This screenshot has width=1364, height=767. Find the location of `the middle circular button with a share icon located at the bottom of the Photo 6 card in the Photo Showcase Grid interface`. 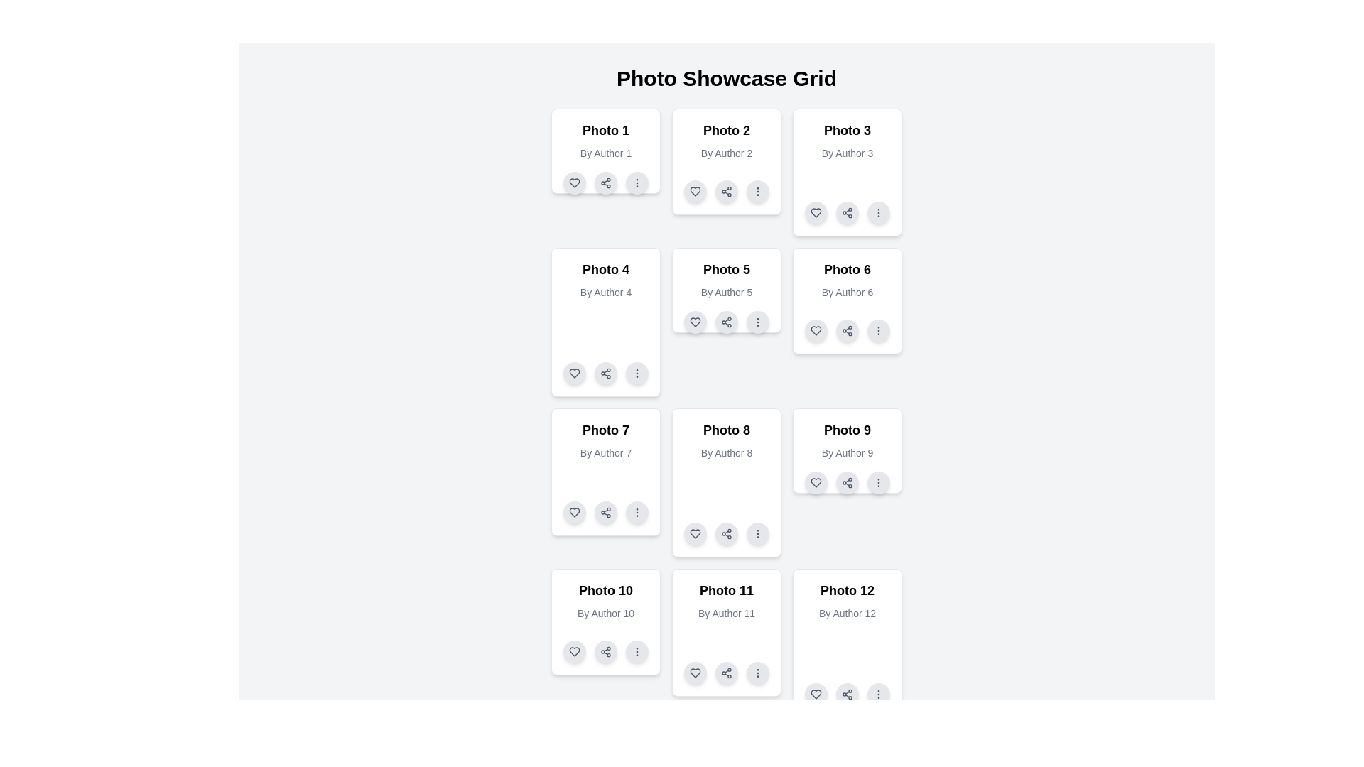

the middle circular button with a share icon located at the bottom of the Photo 6 card in the Photo Showcase Grid interface is located at coordinates (848, 331).